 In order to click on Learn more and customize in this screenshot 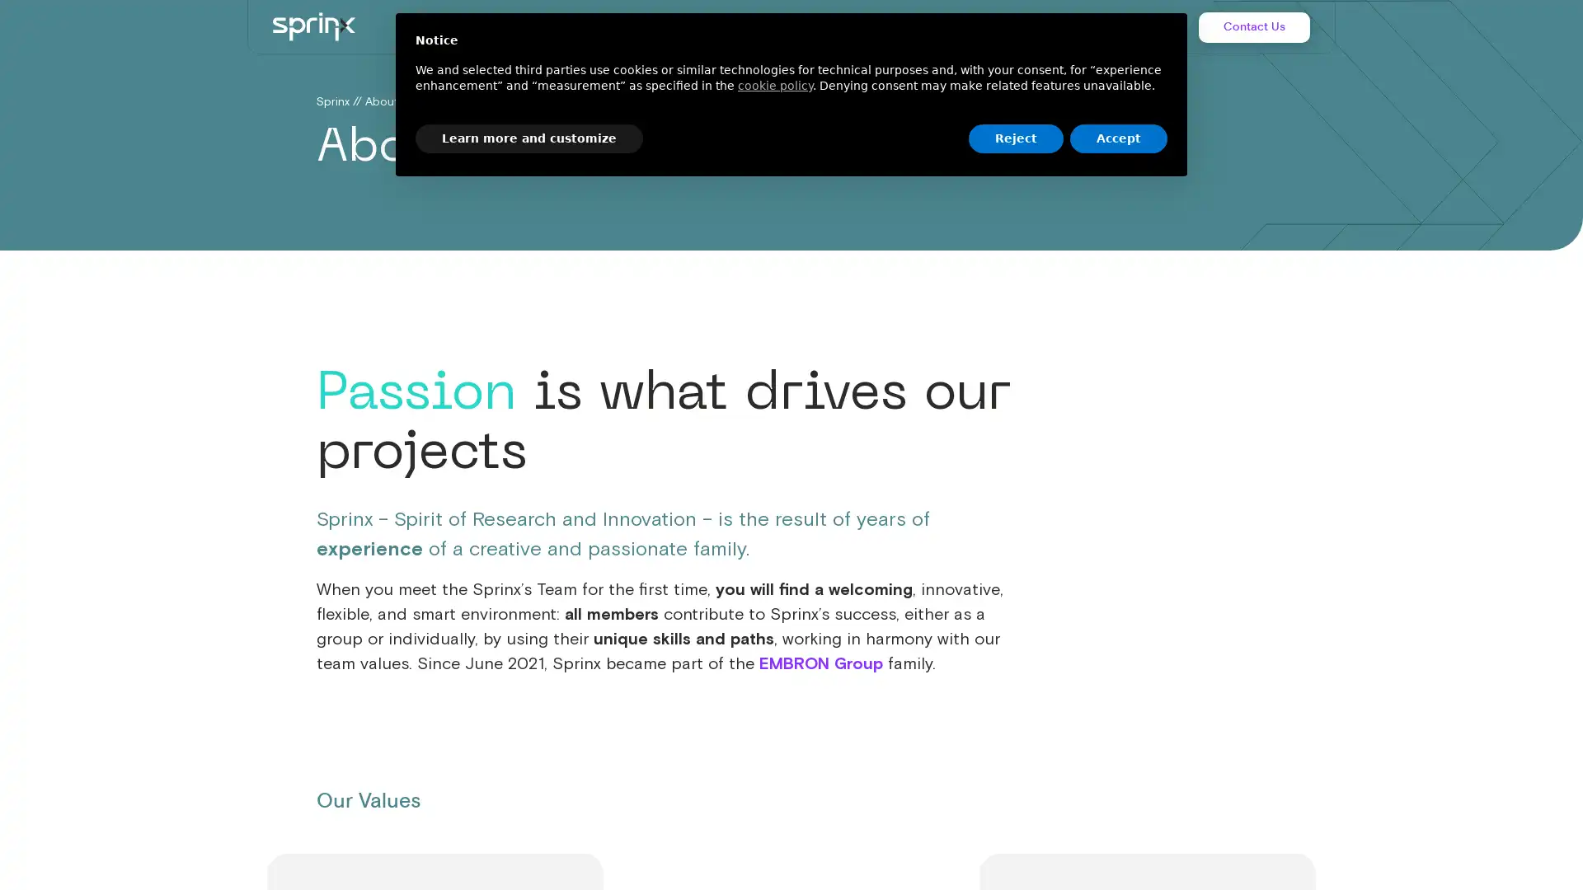, I will do `click(529, 138)`.